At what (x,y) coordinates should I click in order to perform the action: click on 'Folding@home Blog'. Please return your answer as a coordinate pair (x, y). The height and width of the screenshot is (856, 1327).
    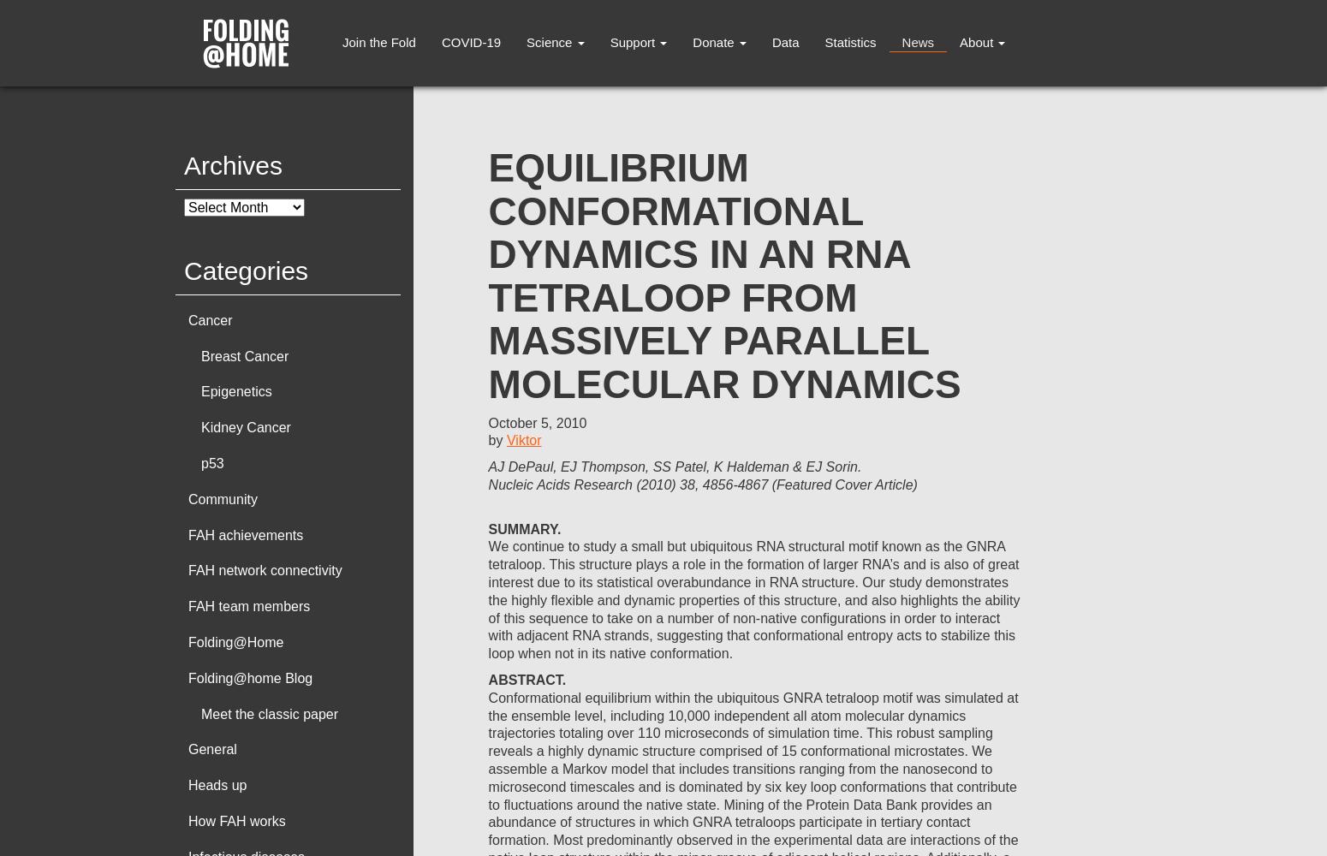
    Looking at the image, I should click on (250, 677).